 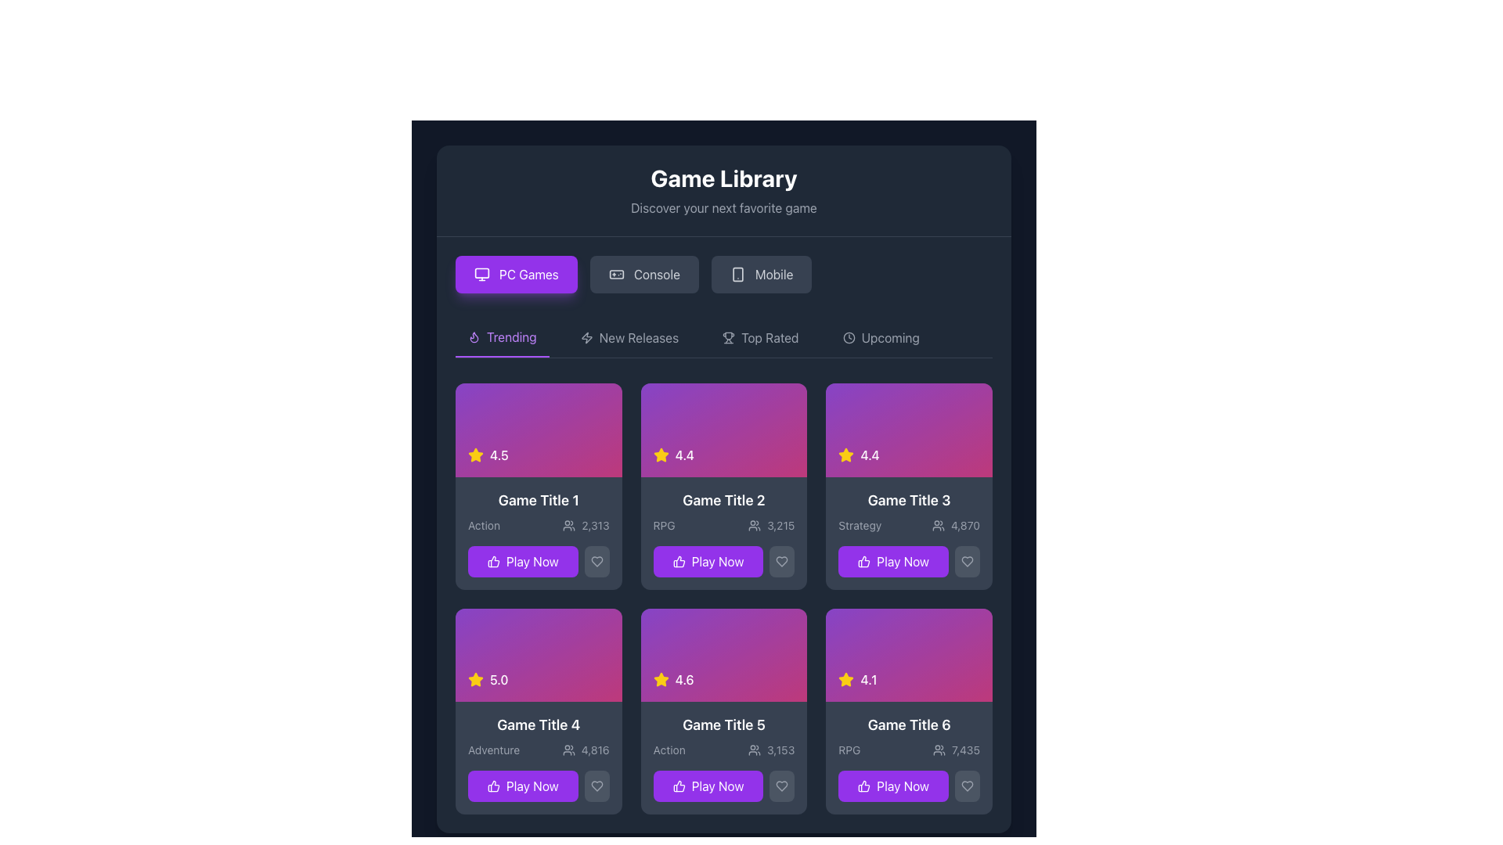 What do you see at coordinates (596, 786) in the screenshot?
I see `the heart-shaped icon button located at the bottom right corner of the card for 'Game Title 4'` at bounding box center [596, 786].